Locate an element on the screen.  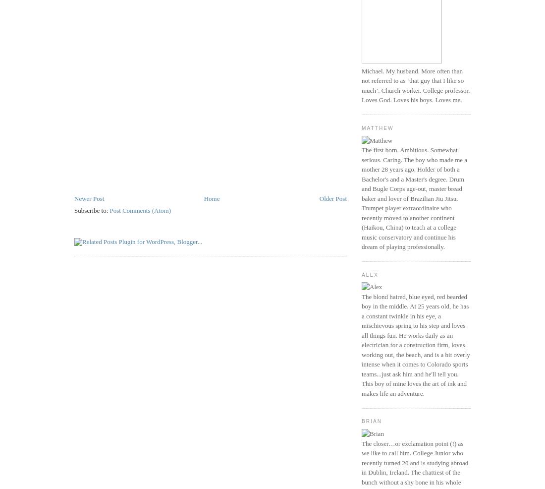
'Matthew' is located at coordinates (377, 127).